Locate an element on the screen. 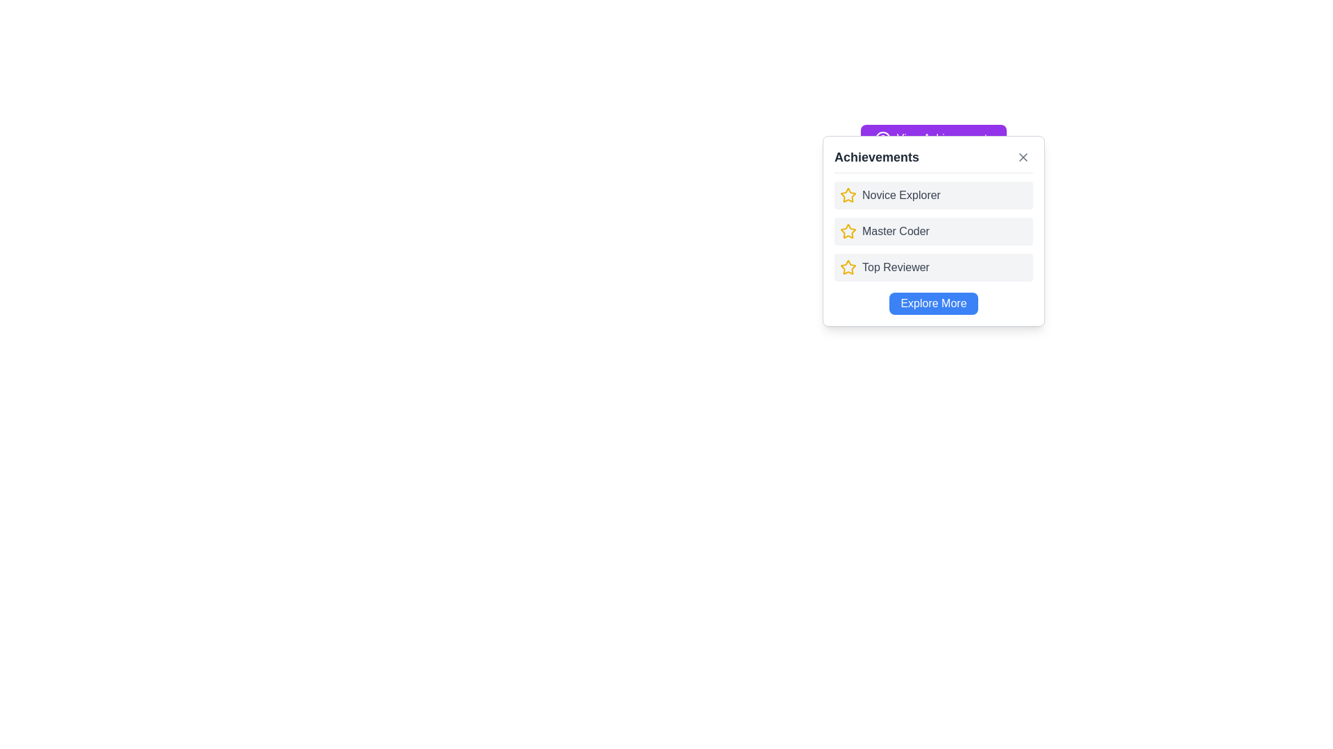 This screenshot has width=1333, height=749. the circular button with a gray 'X' icon located in the top-right corner of the 'Achievements' section is located at coordinates (1023, 157).